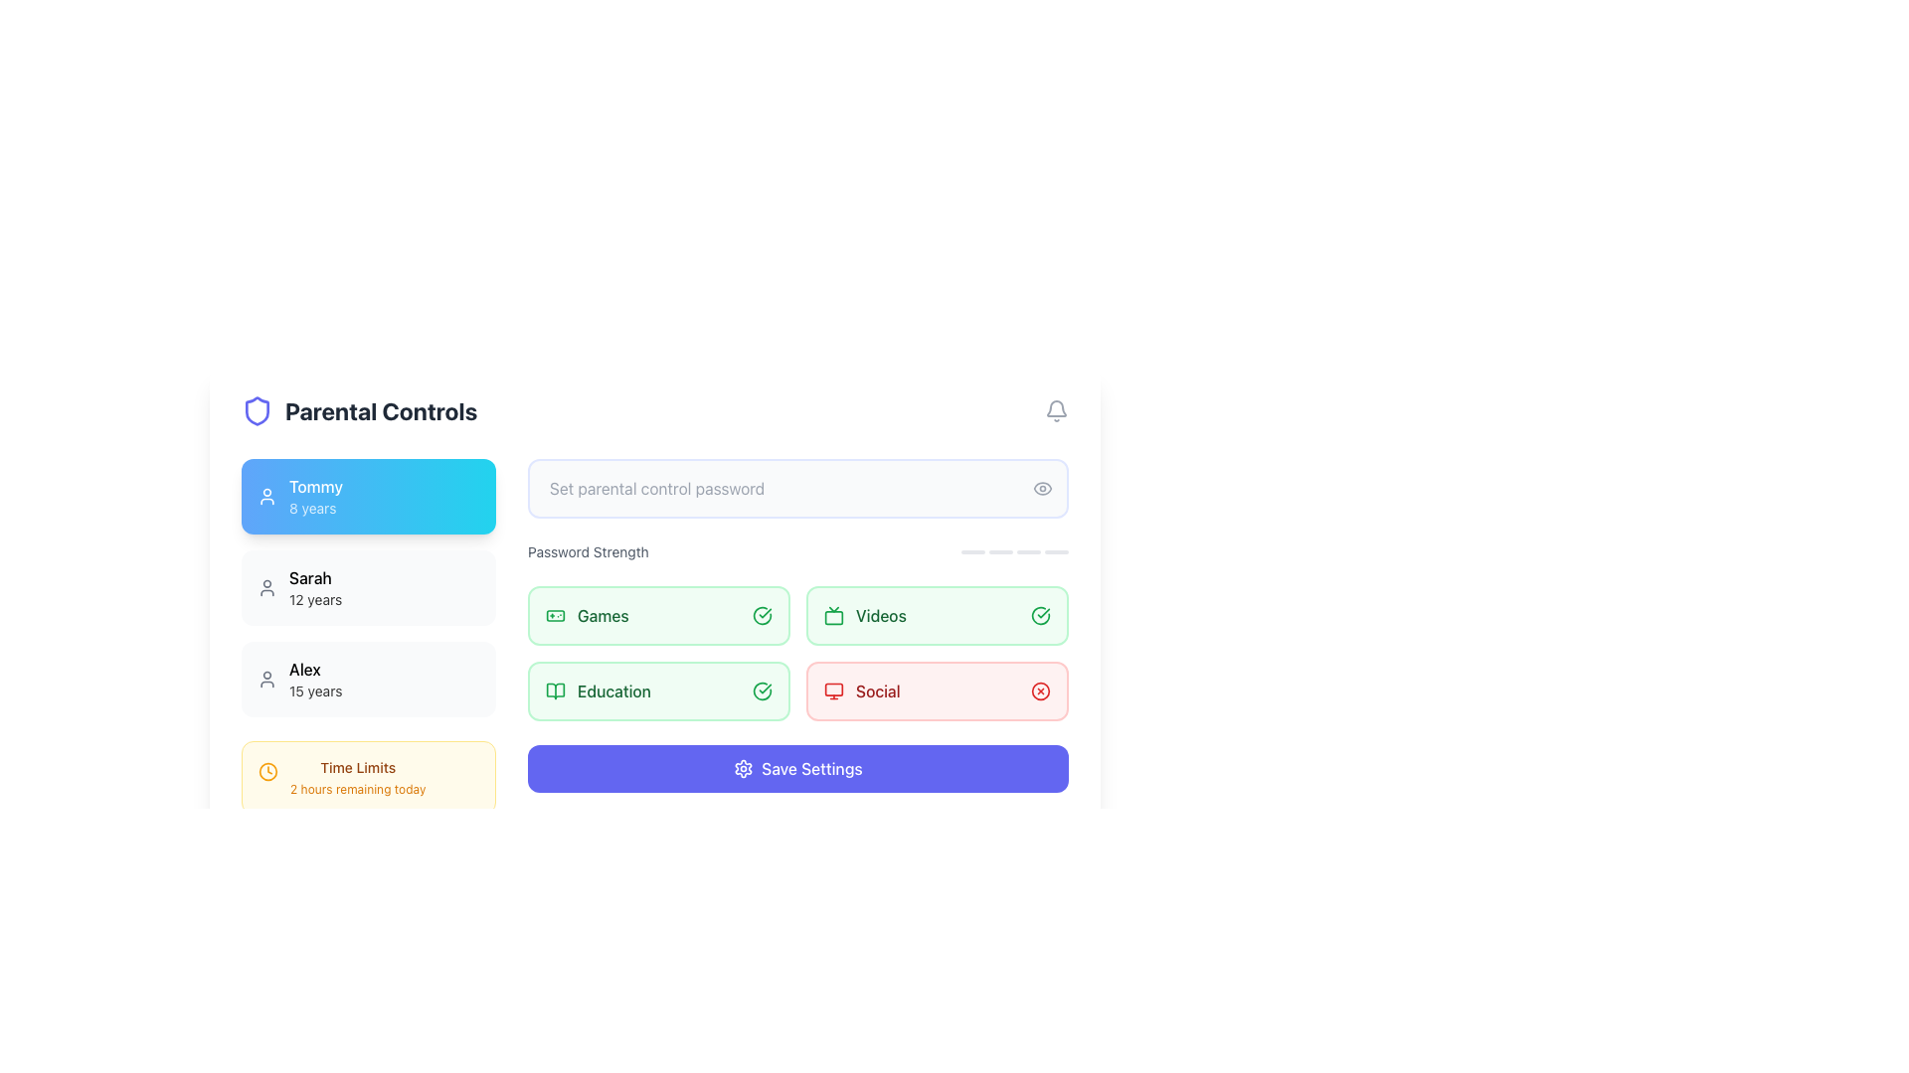  Describe the element at coordinates (762, 615) in the screenshot. I see `the circular icon indicating that the 'Games' option is active, located to the right of the 'Games' label` at that location.